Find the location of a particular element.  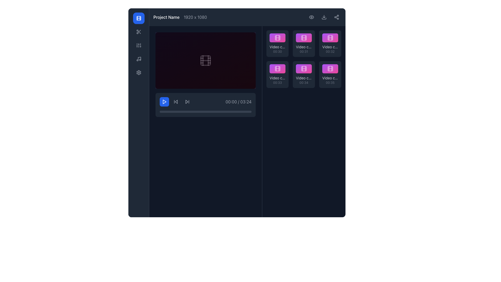

the small gray textual label displaying the time '00:32' located in the bottom-right section of the video clip card, which is the third card in the top row of the grid is located at coordinates (330, 52).